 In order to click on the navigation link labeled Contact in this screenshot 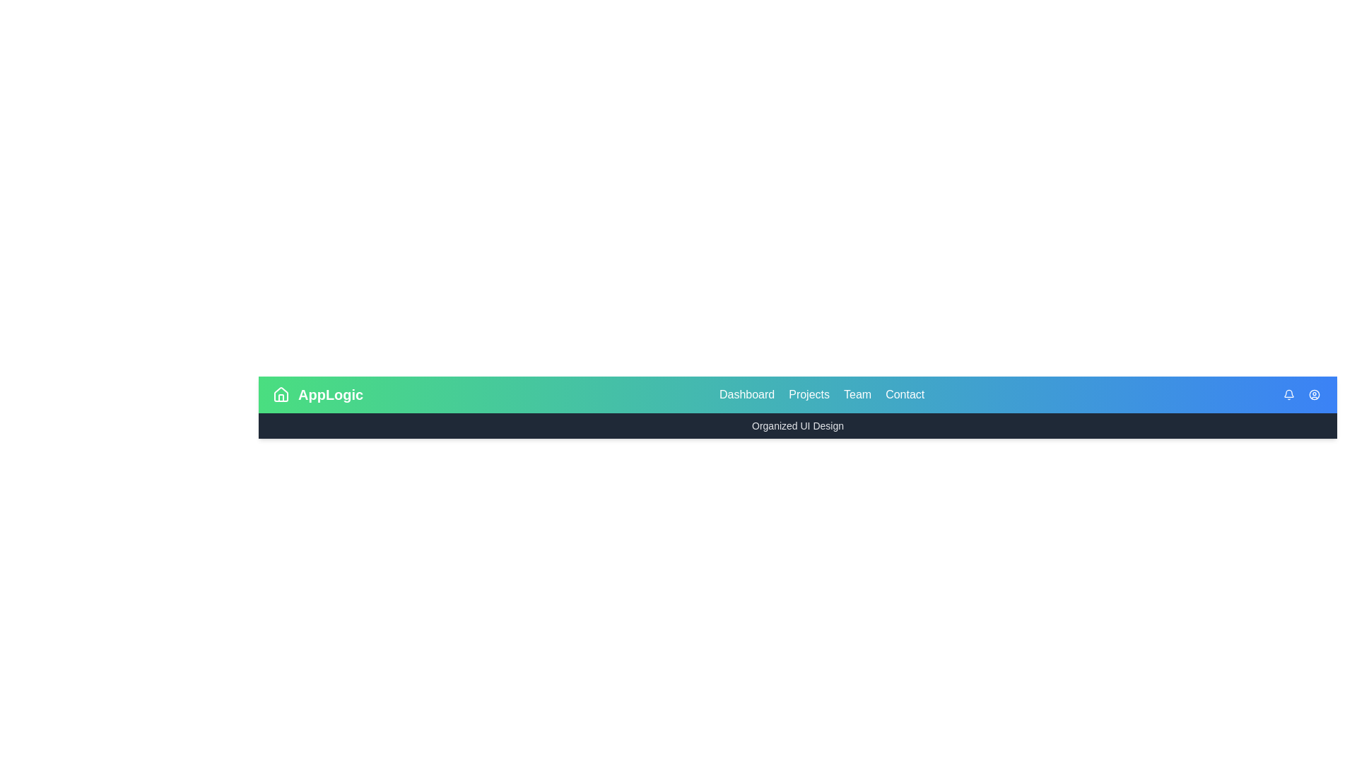, I will do `click(905, 395)`.